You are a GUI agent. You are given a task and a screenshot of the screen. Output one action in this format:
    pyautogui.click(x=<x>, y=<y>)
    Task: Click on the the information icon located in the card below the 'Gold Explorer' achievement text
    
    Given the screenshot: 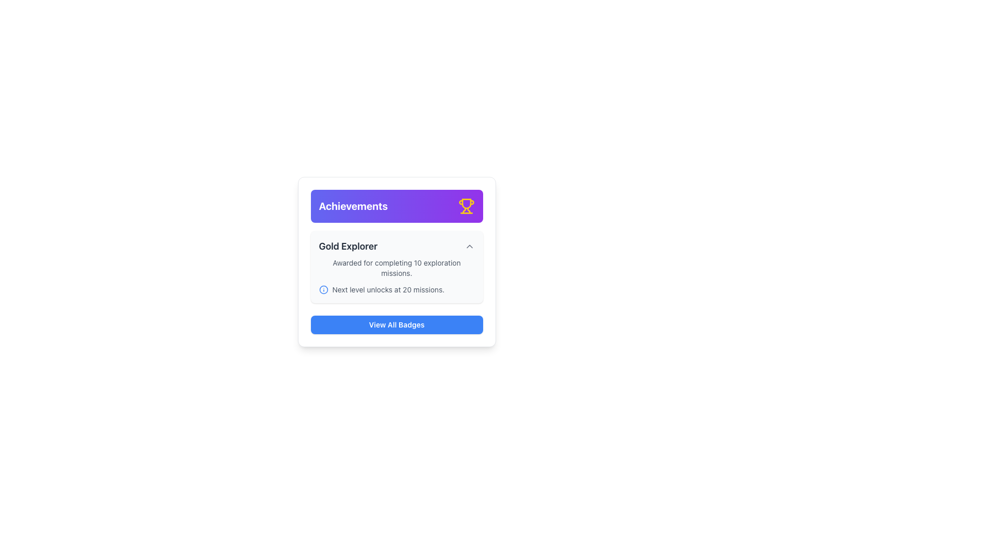 What is the action you would take?
    pyautogui.click(x=323, y=290)
    